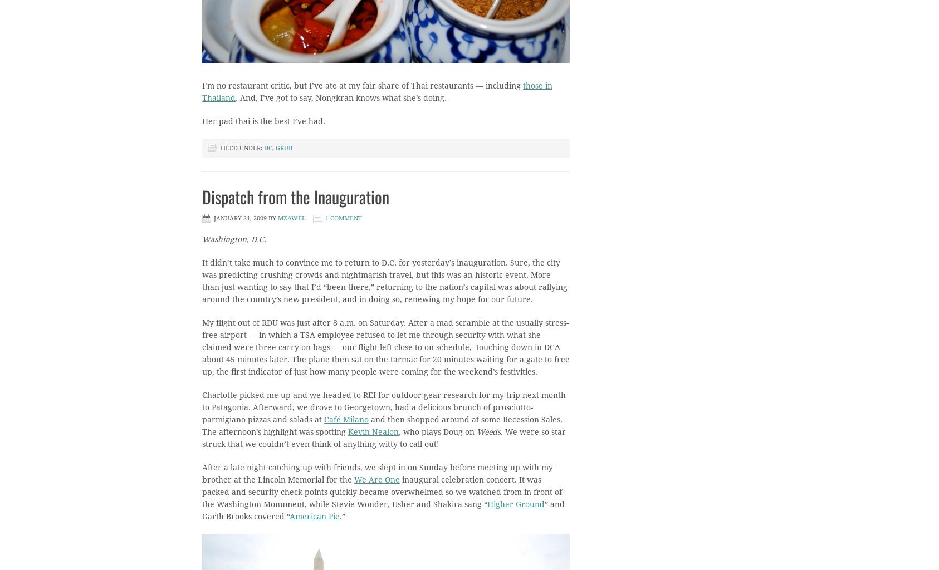 The width and height of the screenshot is (939, 570). What do you see at coordinates (376, 473) in the screenshot?
I see `'After a late night catching up with friends, we slept in on Sunday before meeting up with my brother at the Lincoln Memorial for the'` at bounding box center [376, 473].